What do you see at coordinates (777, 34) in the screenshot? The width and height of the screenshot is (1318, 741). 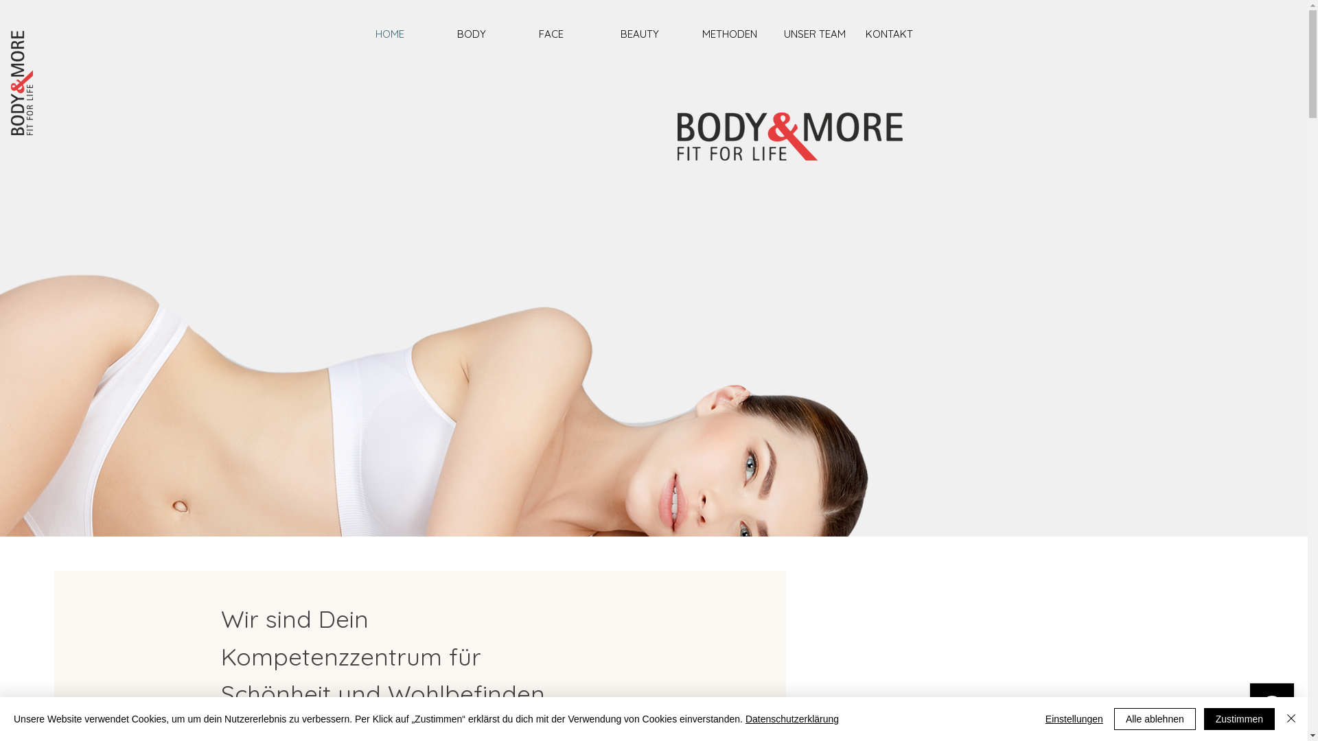 I see `'UNSER TEAM'` at bounding box center [777, 34].